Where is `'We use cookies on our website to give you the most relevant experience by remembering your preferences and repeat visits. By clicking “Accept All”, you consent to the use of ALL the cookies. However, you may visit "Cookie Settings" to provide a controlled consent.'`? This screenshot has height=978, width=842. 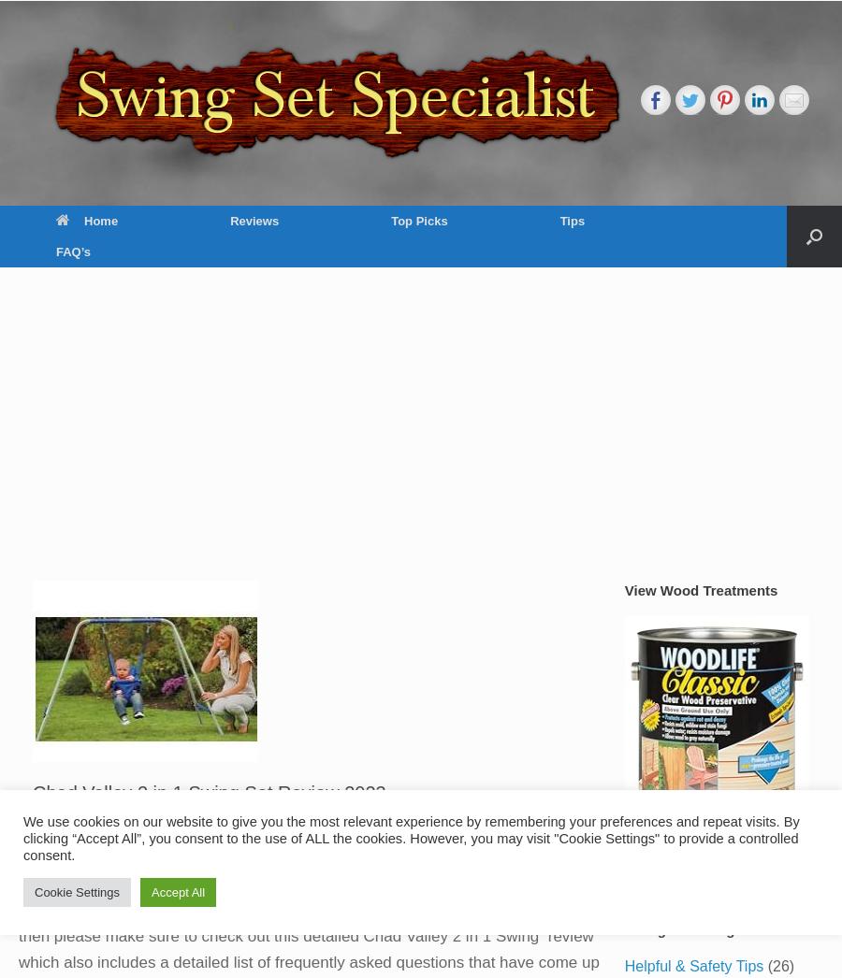
'We use cookies on our website to give you the most relevant experience by remembering your preferences and repeat visits. By clicking “Accept All”, you consent to the use of ALL the cookies. However, you may visit "Cookie Settings" to provide a controlled consent.' is located at coordinates (411, 839).